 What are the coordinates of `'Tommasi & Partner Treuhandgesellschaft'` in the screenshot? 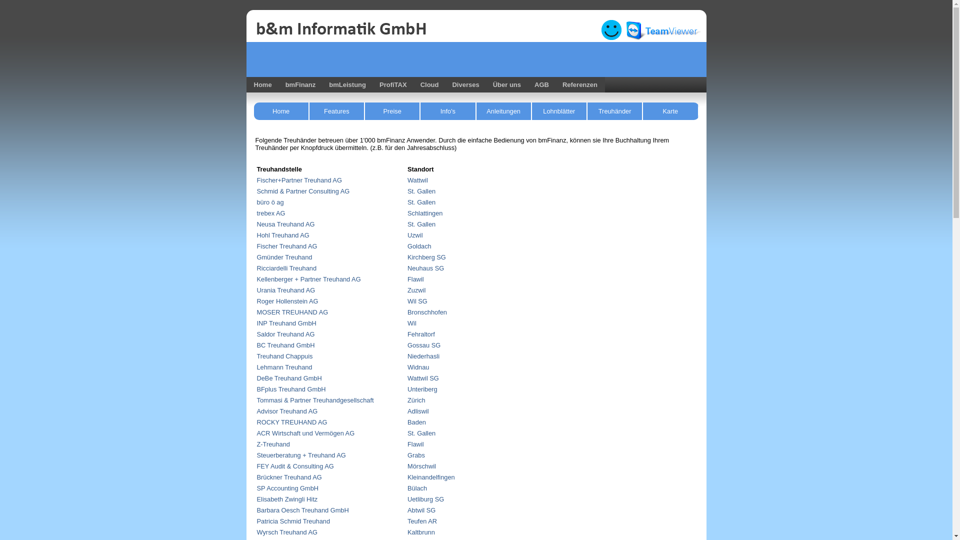 It's located at (256, 399).